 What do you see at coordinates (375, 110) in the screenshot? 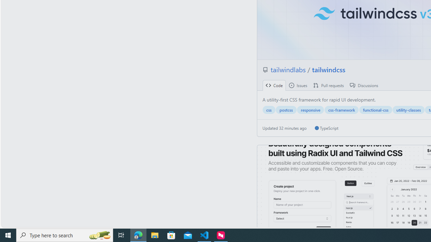
I see `'functional-css'` at bounding box center [375, 110].